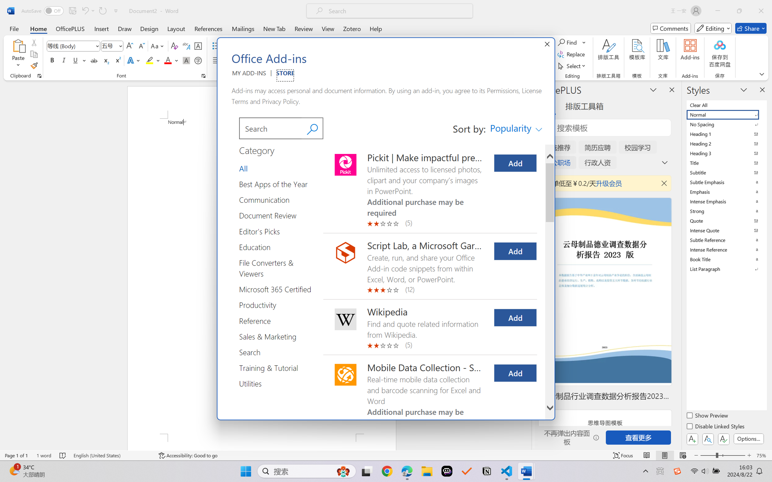  I want to click on 'Subtitle', so click(726, 172).